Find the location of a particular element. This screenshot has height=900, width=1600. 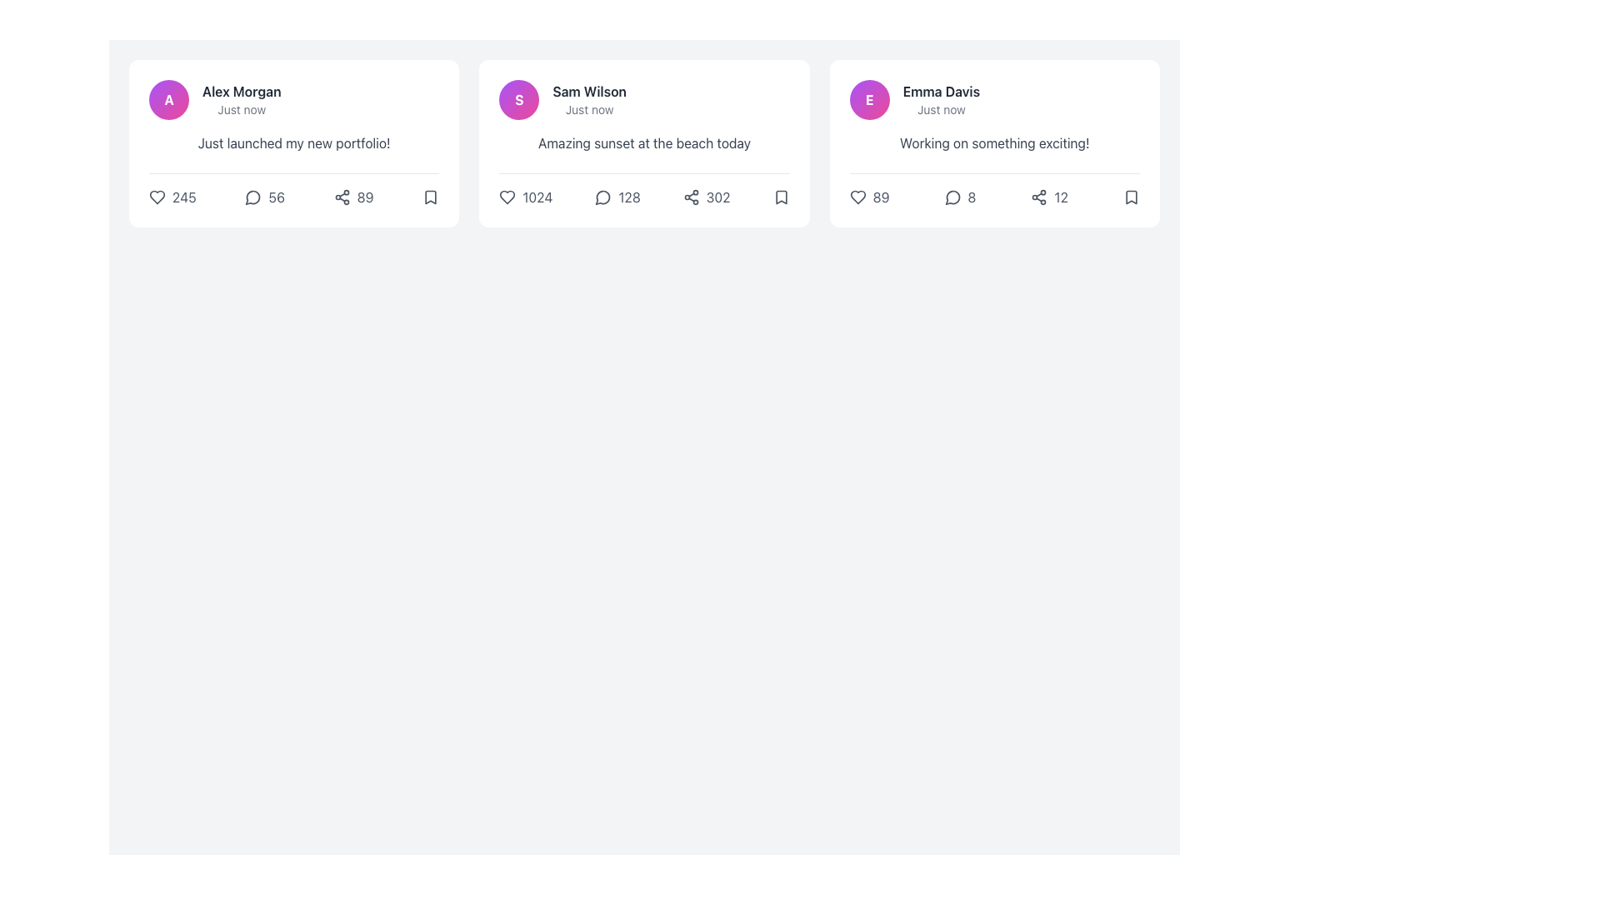

the fifth interactive icon in the row of reaction icons under the post by 'Sam Wilson' is located at coordinates (780, 196).